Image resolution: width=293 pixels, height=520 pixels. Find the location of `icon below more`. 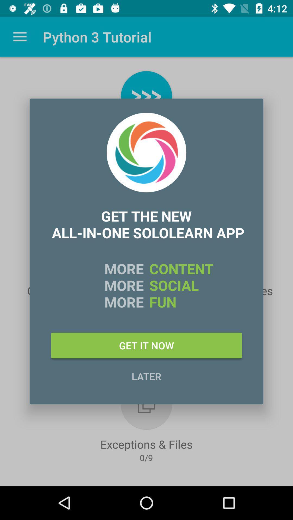

icon below more is located at coordinates (146, 345).